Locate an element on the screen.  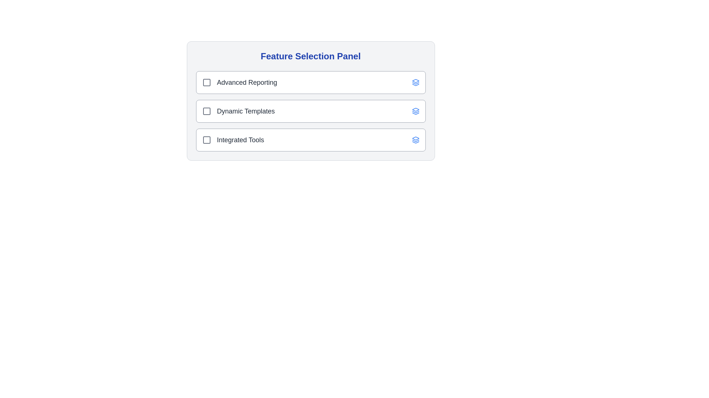
the 'Dynamic Templates' icon, which is the middle icon of three in the feature selection panel is located at coordinates (415, 112).